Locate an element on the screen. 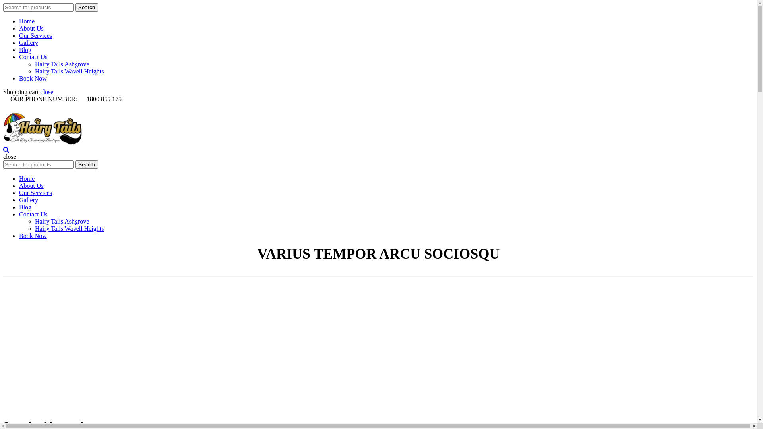 Image resolution: width=763 pixels, height=429 pixels. 'Home' is located at coordinates (27, 21).